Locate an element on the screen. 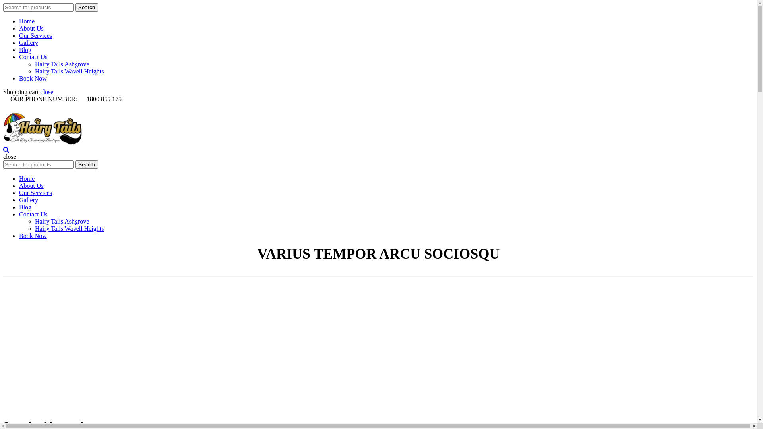 Image resolution: width=763 pixels, height=429 pixels. 'Home' is located at coordinates (27, 21).